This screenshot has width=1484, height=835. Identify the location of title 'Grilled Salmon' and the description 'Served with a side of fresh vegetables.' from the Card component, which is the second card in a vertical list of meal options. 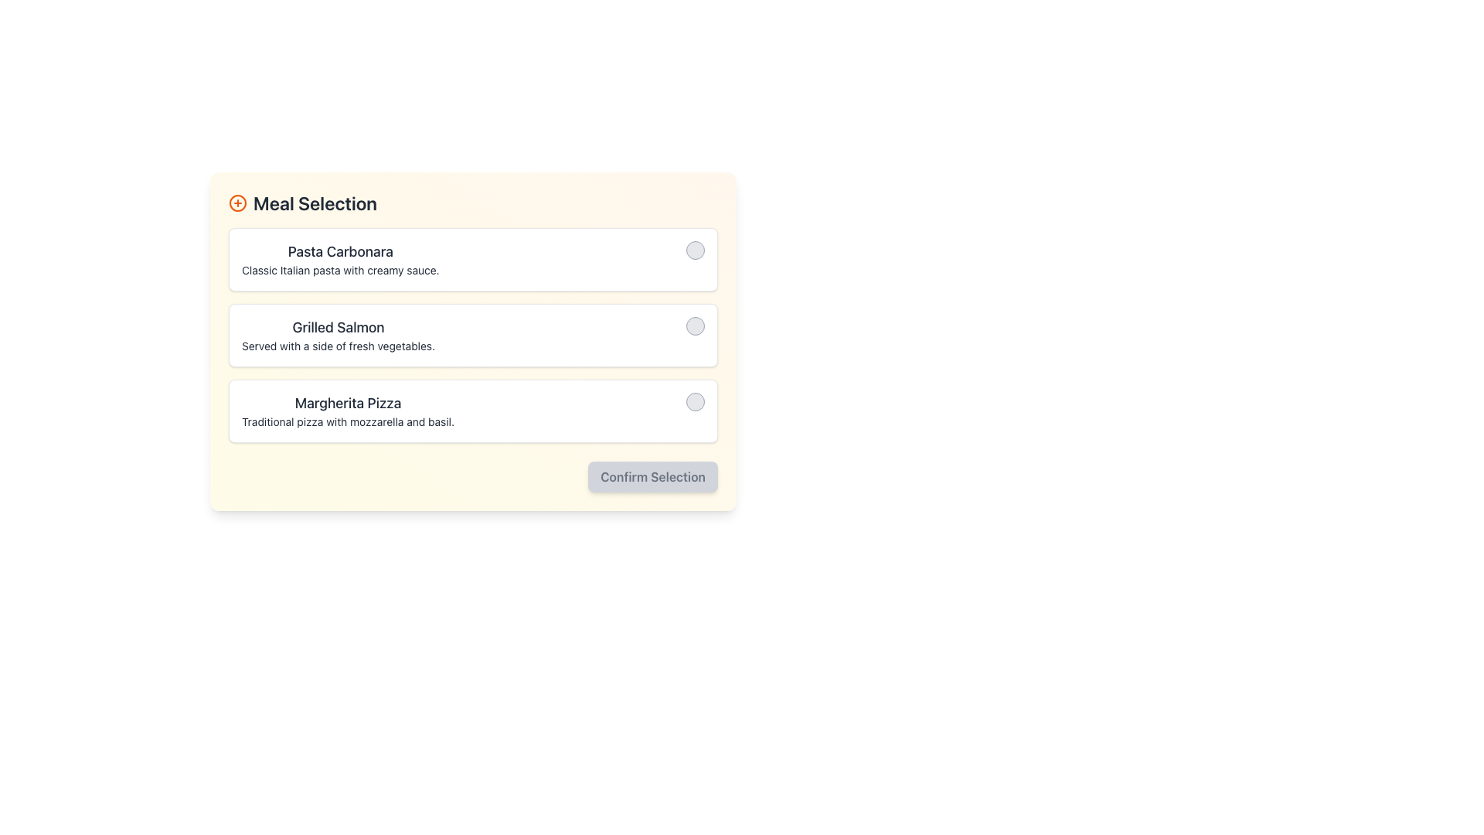
(472, 335).